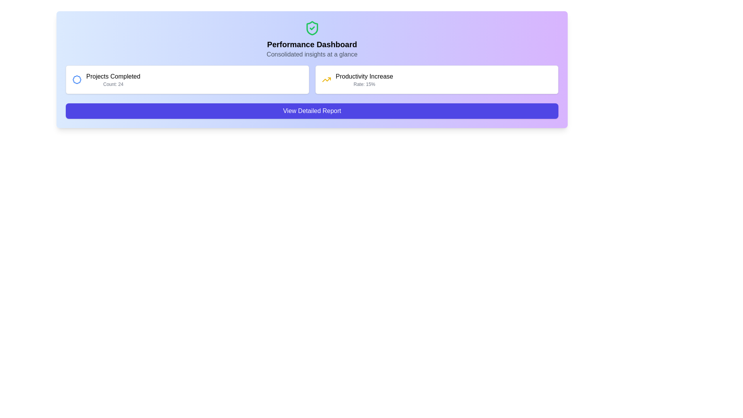  What do you see at coordinates (364, 79) in the screenshot?
I see `the text display area that indicates a productivity increase rate of 15%, located in the upper-right section of the interface, as the second information card` at bounding box center [364, 79].